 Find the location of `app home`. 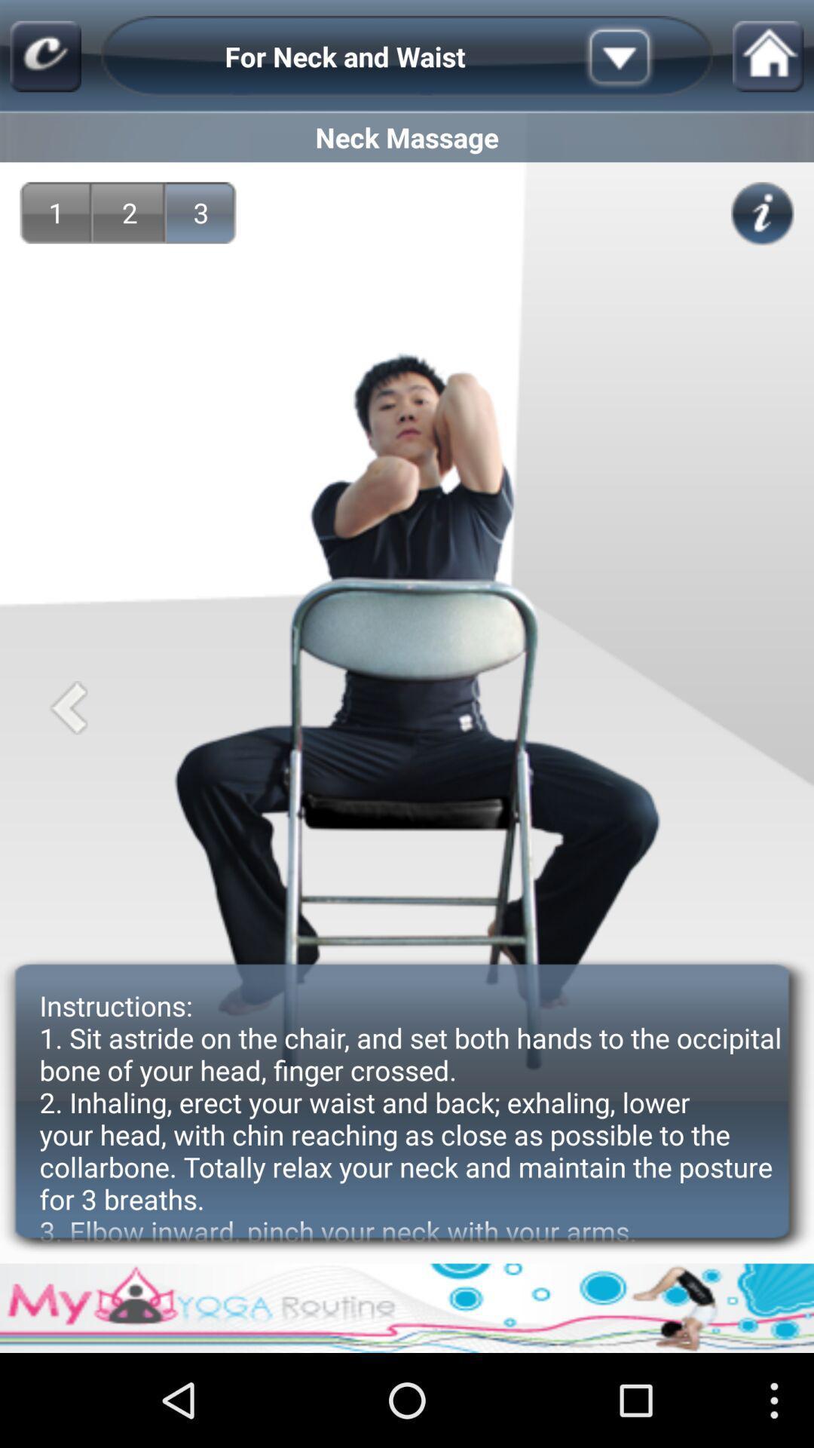

app home is located at coordinates (768, 57).